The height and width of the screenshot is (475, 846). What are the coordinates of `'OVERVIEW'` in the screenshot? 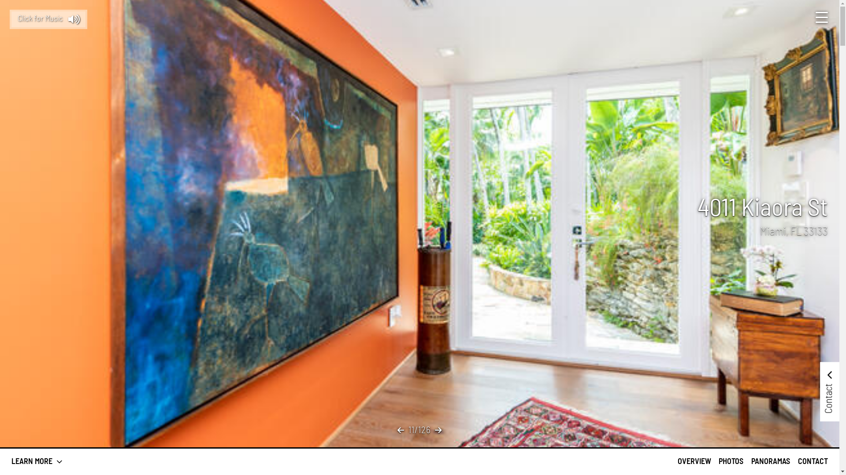 It's located at (677, 461).